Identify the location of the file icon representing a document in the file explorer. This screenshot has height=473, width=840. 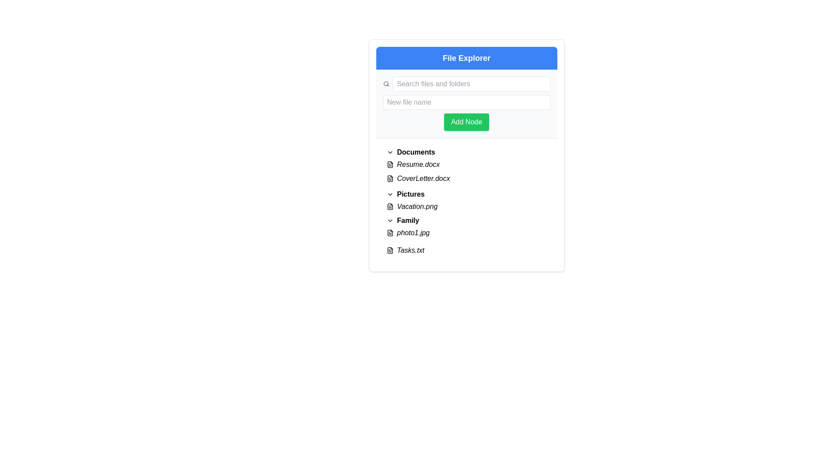
(389, 178).